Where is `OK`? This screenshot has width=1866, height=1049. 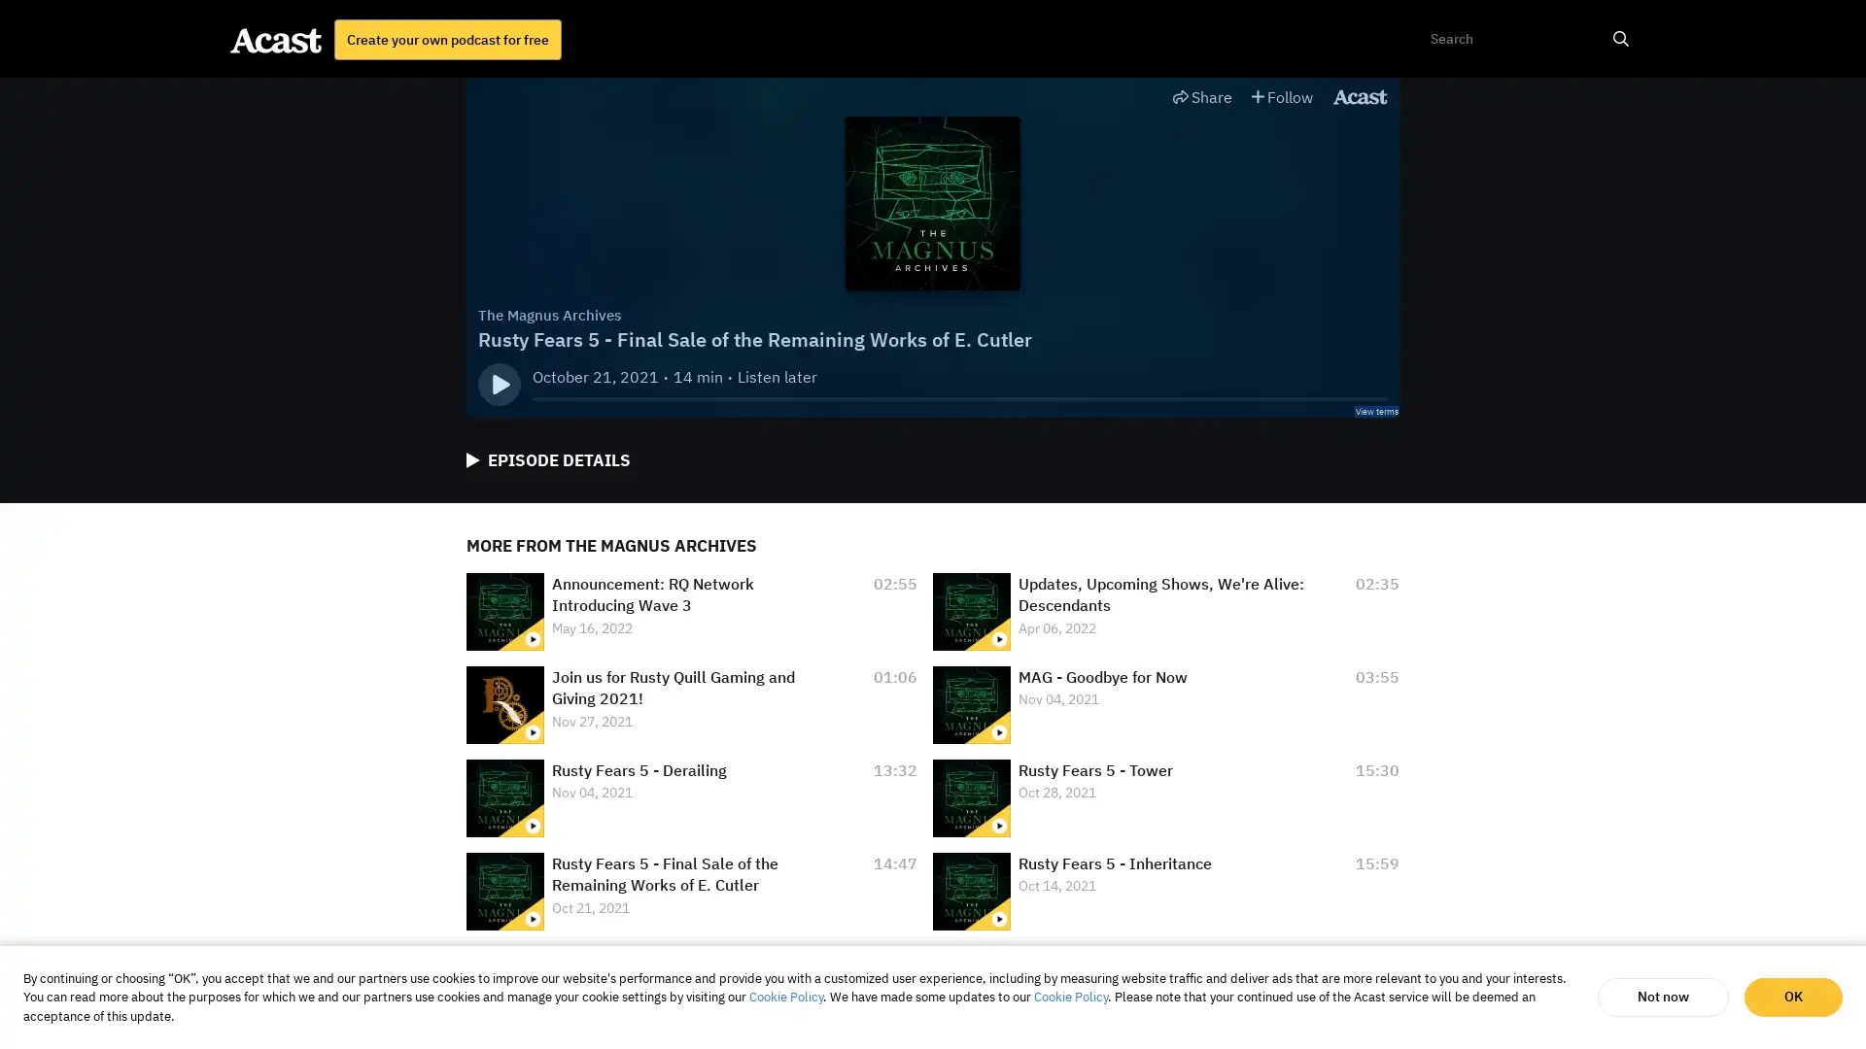 OK is located at coordinates (1792, 997).